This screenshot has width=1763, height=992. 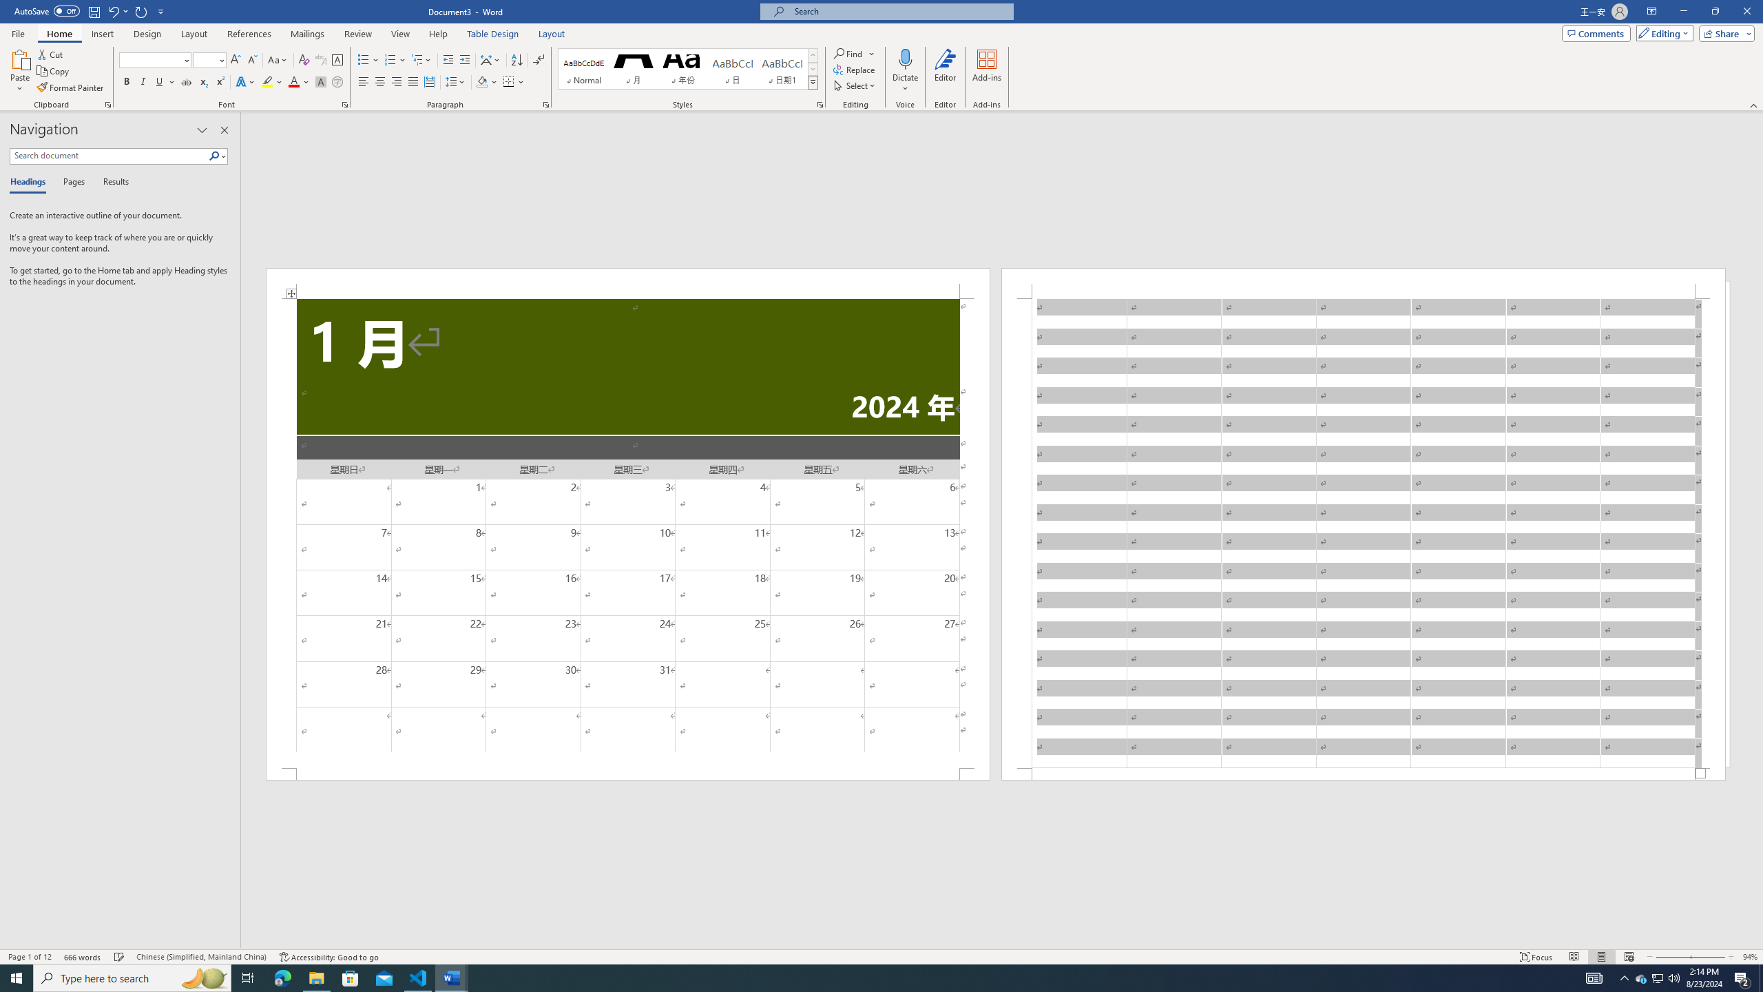 What do you see at coordinates (357, 34) in the screenshot?
I see `'Review'` at bounding box center [357, 34].